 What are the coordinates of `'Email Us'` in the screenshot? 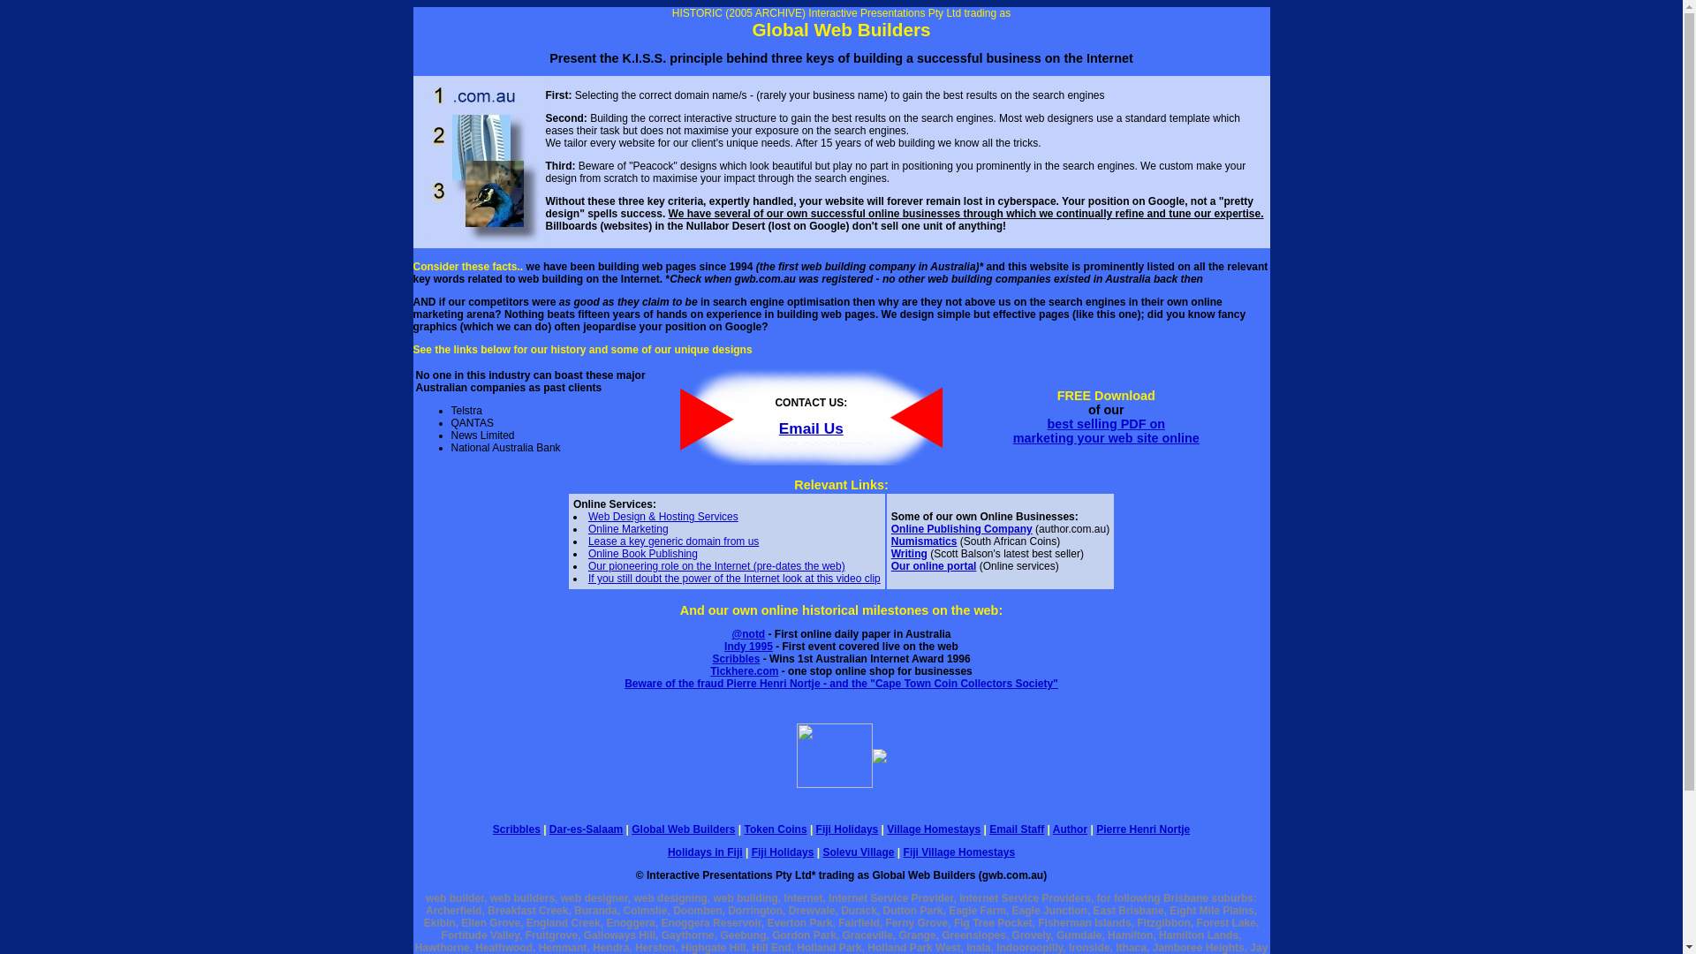 It's located at (778, 427).